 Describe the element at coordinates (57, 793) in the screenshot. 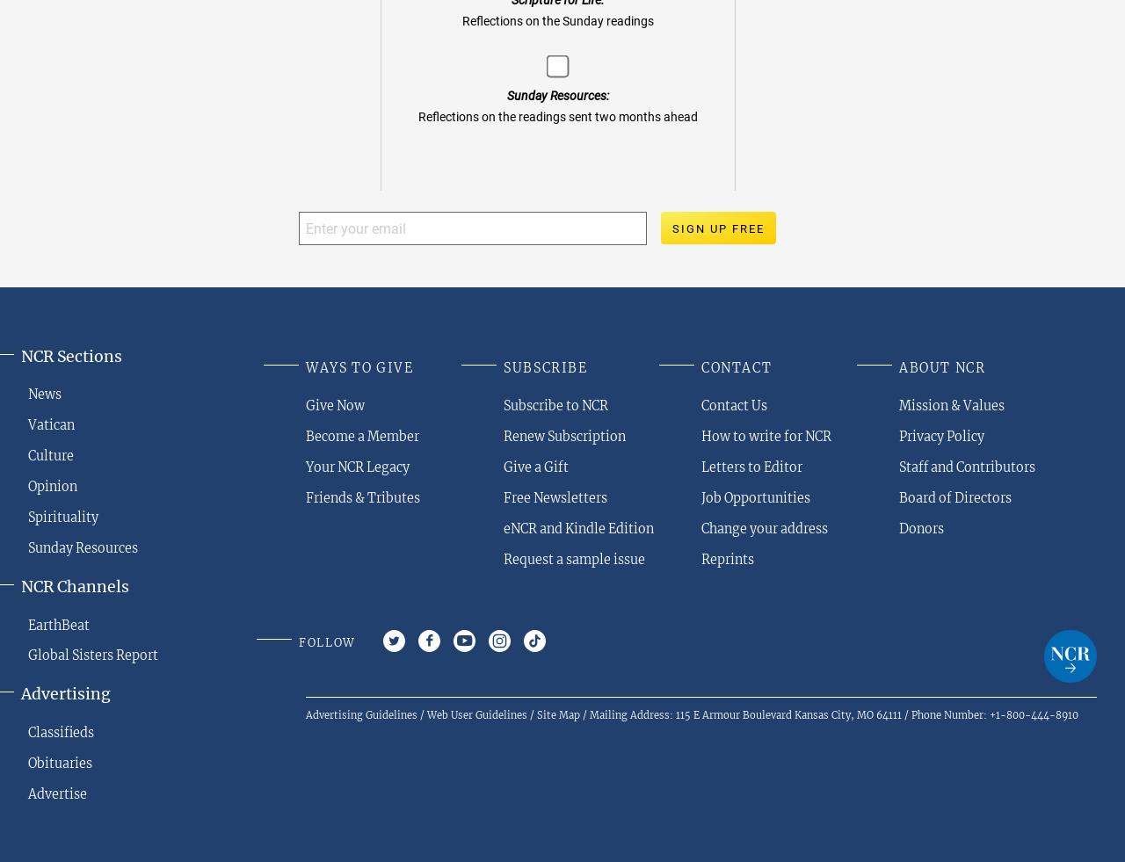

I see `'Advertise'` at that location.